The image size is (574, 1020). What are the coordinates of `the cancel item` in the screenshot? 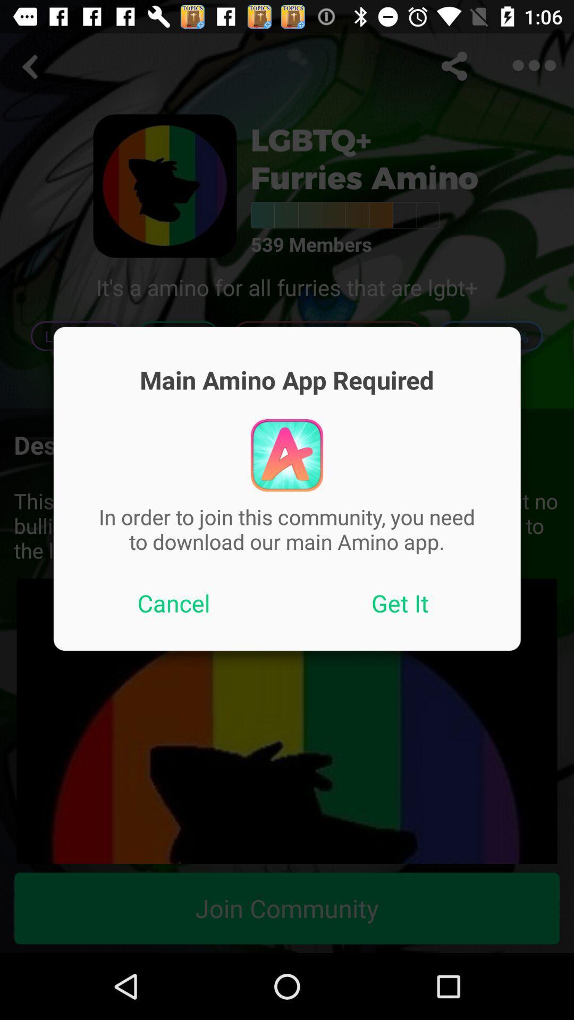 It's located at (173, 603).